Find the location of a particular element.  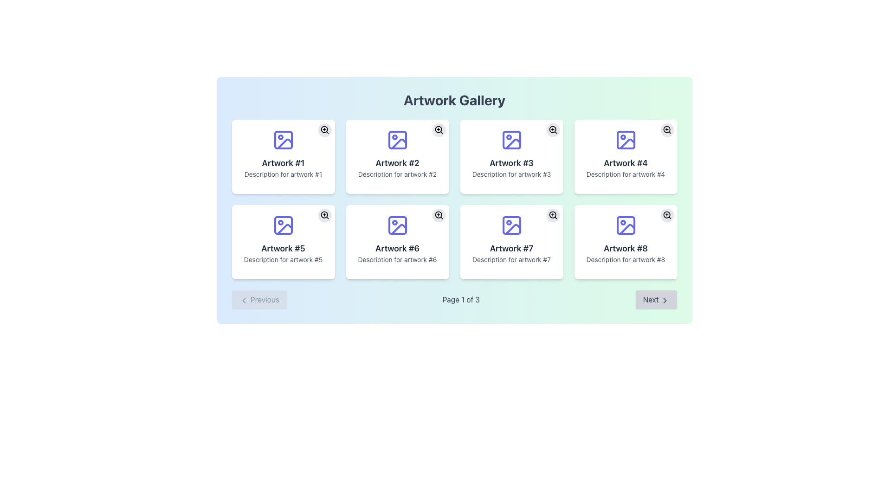

the text label that serves as a description for the artwork entry located beneath the 'Artwork #6' title in the sixth card of the 'Artwork Gallery' is located at coordinates (397, 259).